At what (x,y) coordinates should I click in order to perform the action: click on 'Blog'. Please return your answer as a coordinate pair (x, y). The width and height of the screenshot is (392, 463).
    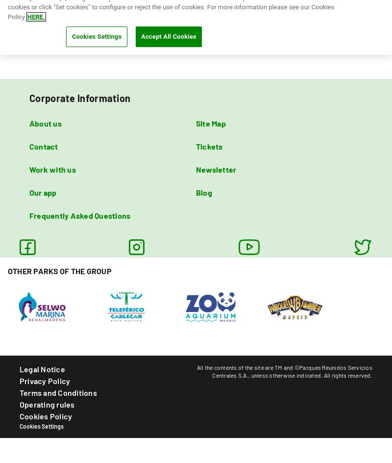
    Looking at the image, I should click on (204, 192).